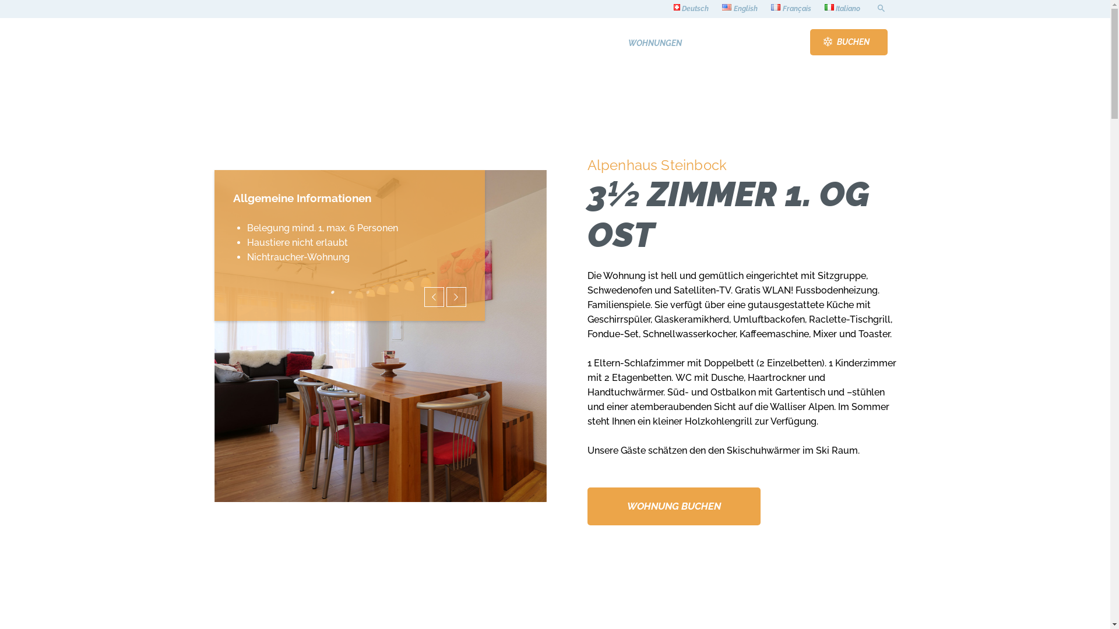 Image resolution: width=1119 pixels, height=629 pixels. Describe the element at coordinates (849, 41) in the screenshot. I see `'BUCHEN'` at that location.